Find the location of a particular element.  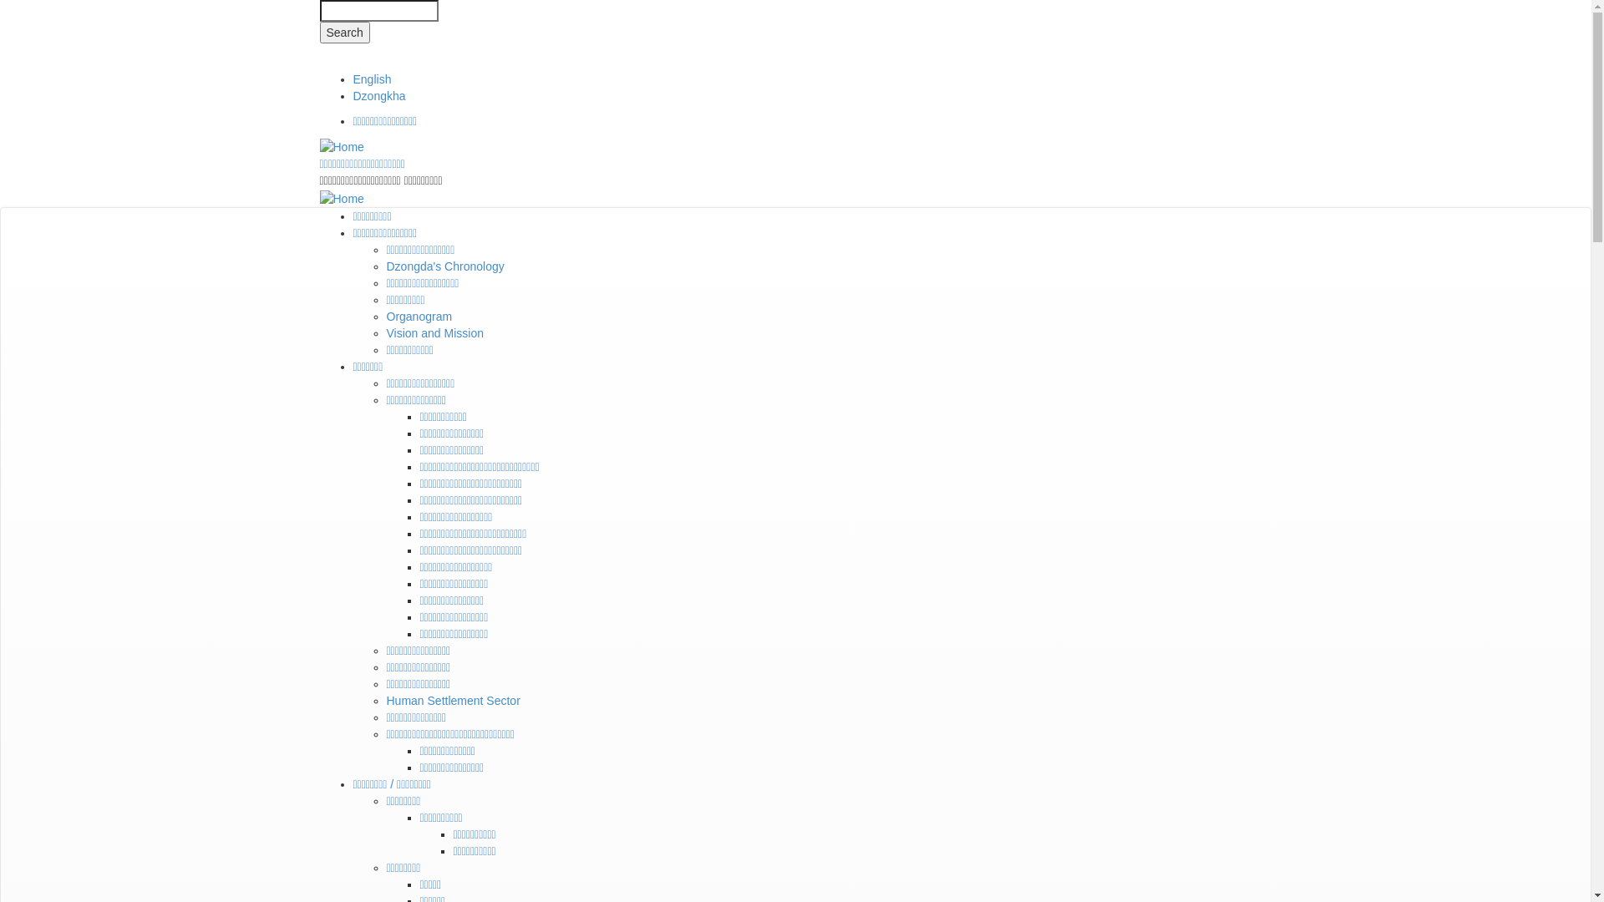

'Organogram' is located at coordinates (419, 316).